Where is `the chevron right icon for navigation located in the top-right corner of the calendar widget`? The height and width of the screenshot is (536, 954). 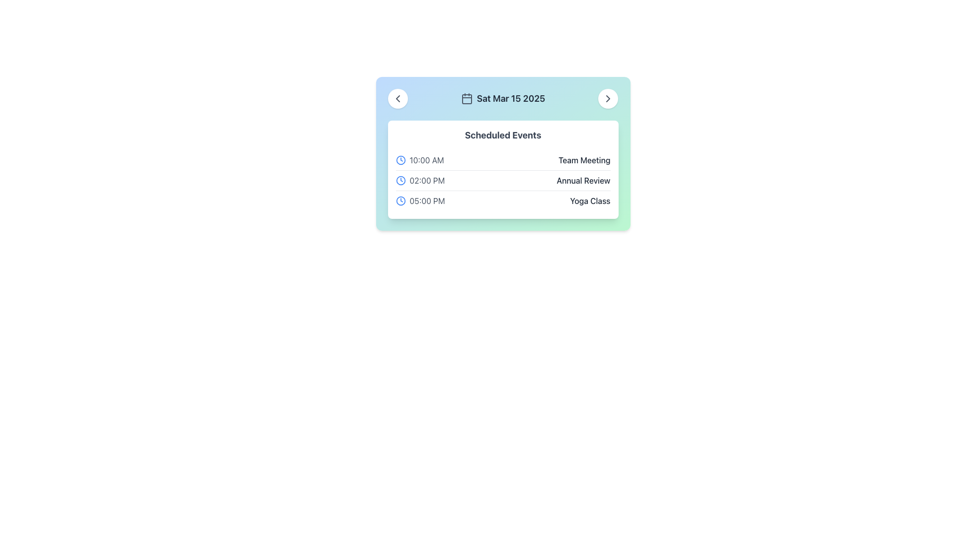
the chevron right icon for navigation located in the top-right corner of the calendar widget is located at coordinates (608, 99).